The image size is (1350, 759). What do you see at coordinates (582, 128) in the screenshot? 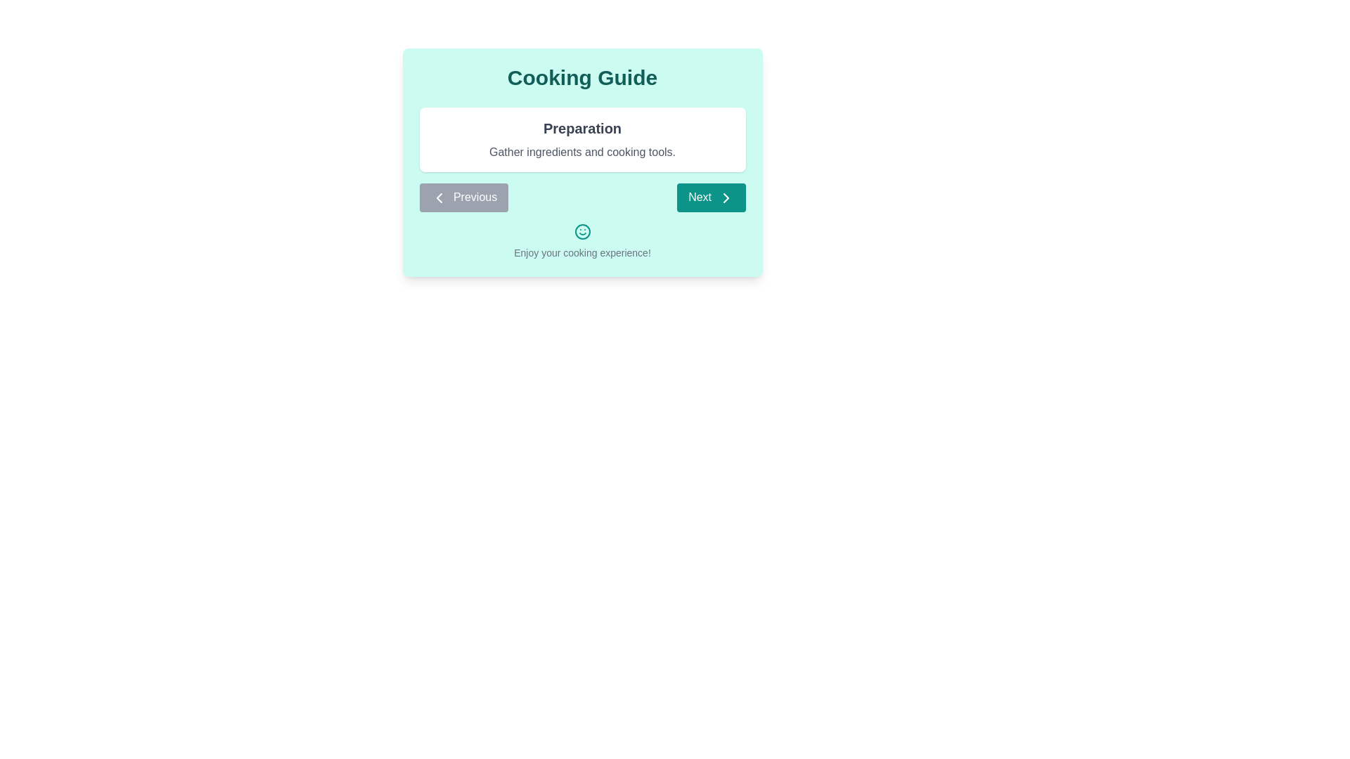
I see `the static text header reading 'Preparation'` at bounding box center [582, 128].